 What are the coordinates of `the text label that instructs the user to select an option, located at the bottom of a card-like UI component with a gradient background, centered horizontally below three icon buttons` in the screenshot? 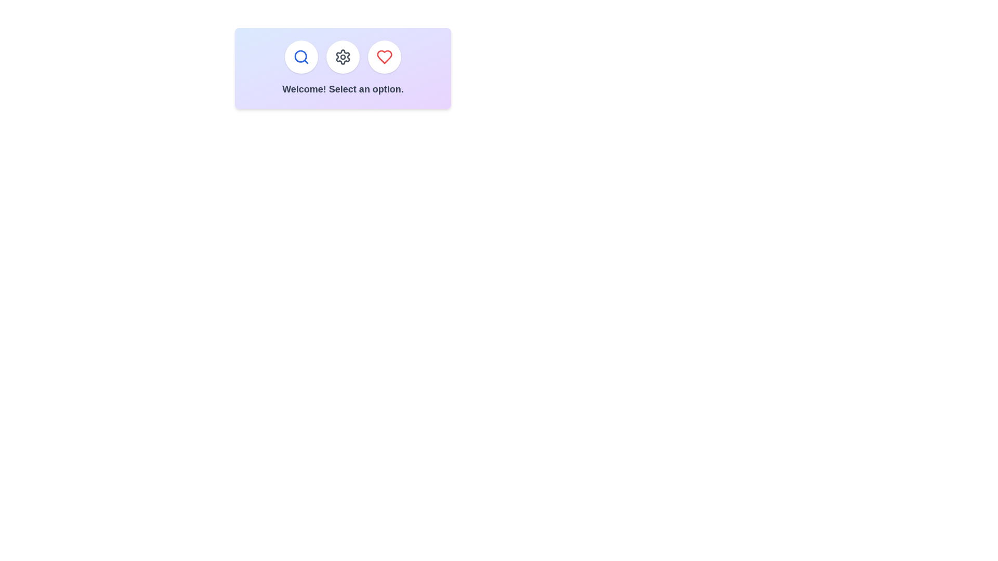 It's located at (343, 89).